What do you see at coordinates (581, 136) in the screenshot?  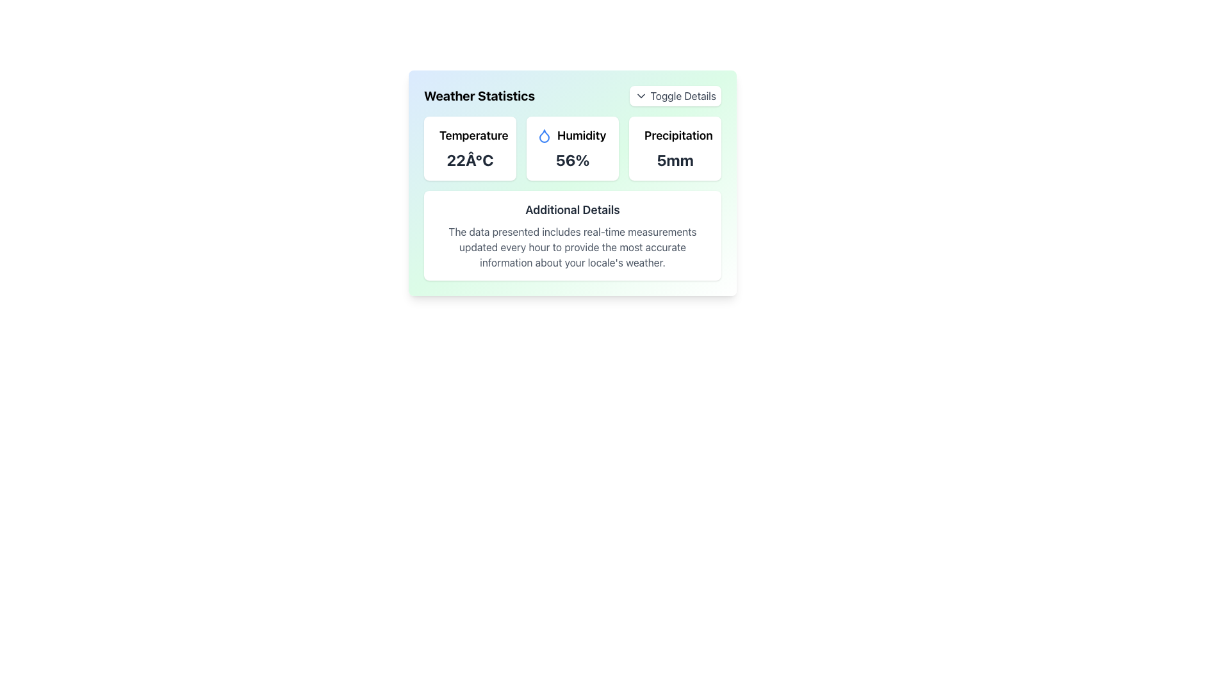 I see `the humidity label text element, which provides context to the percentage displayed below it in the weather statistics section` at bounding box center [581, 136].